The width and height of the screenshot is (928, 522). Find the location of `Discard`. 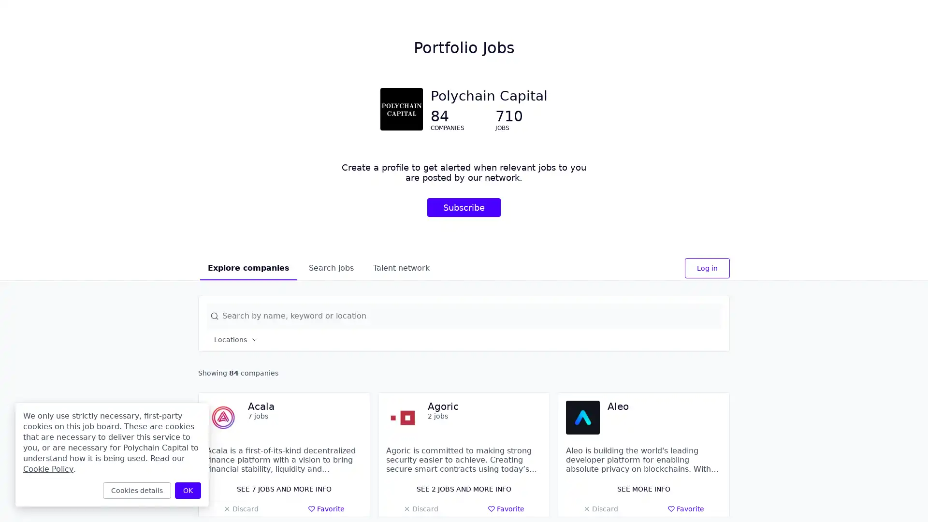

Discard is located at coordinates (600, 508).